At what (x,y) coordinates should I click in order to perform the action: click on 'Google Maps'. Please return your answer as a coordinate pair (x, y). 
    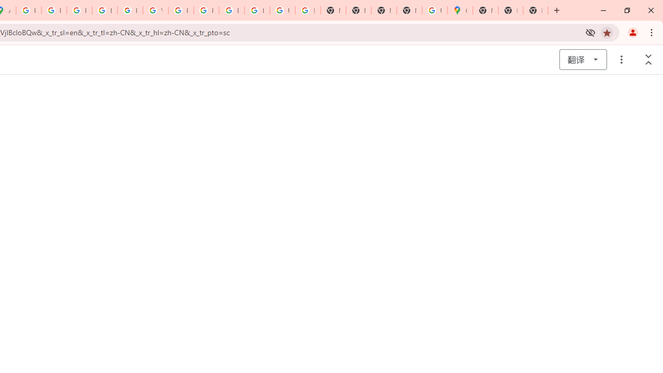
    Looking at the image, I should click on (459, 10).